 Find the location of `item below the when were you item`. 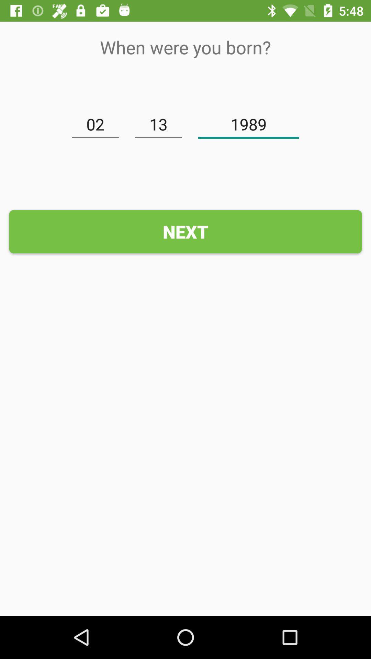

item below the when were you item is located at coordinates (158, 125).